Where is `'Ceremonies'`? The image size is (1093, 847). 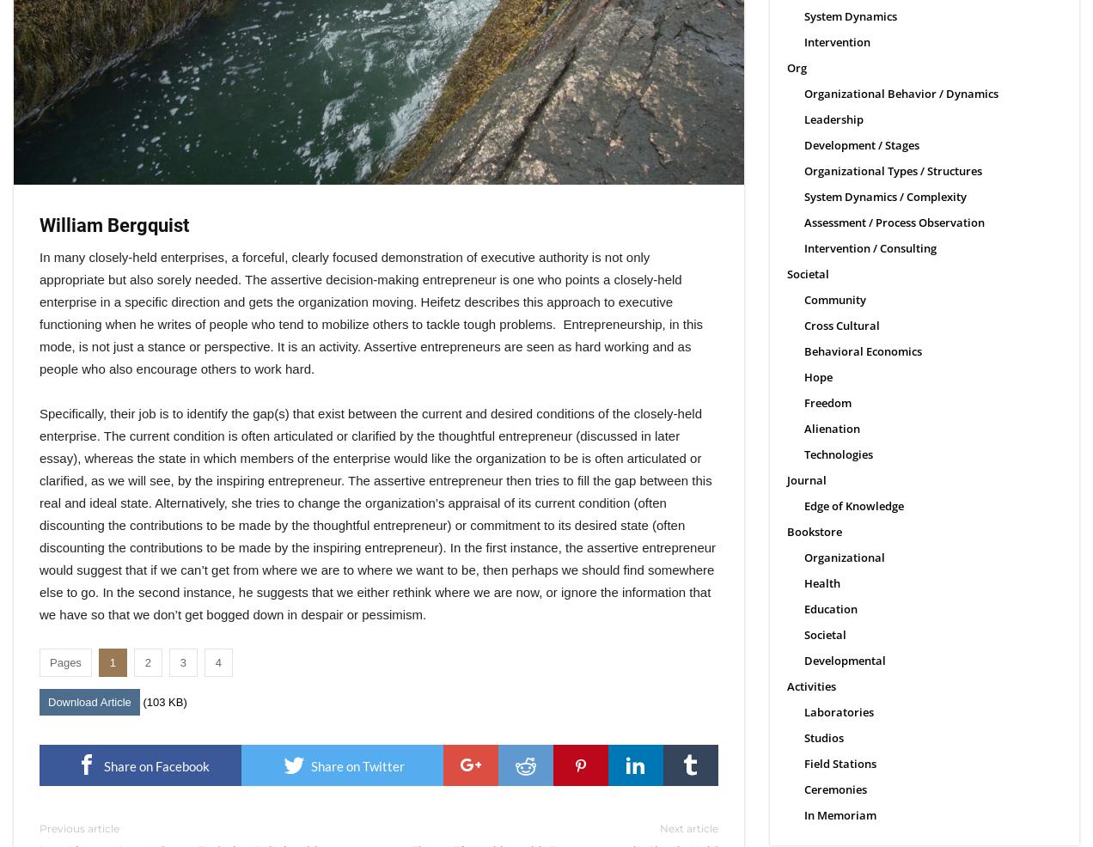
'Ceremonies' is located at coordinates (834, 789).